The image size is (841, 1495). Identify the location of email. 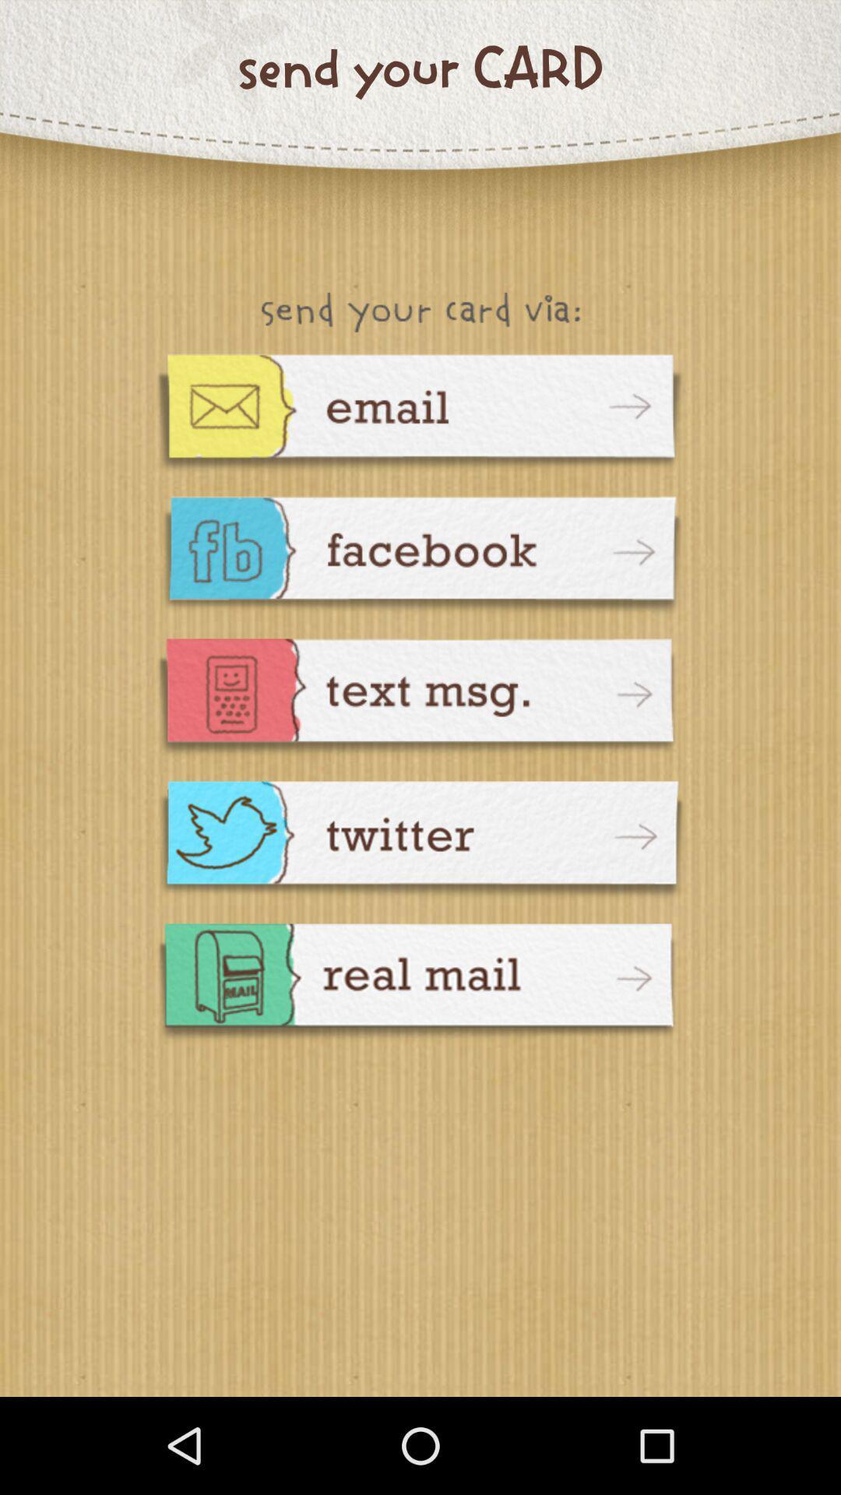
(420, 414).